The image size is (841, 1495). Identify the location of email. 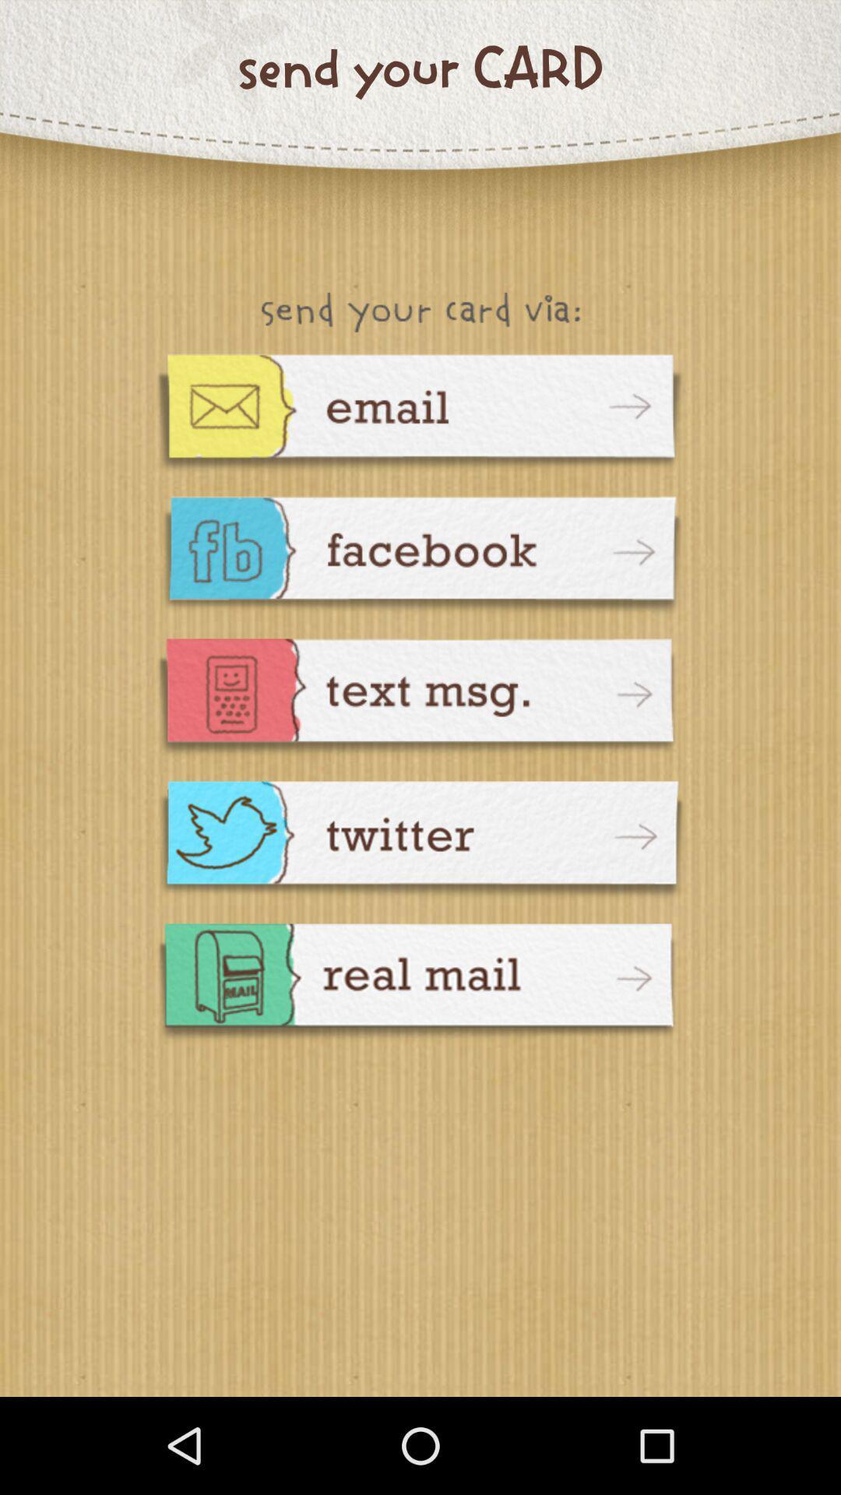
(420, 414).